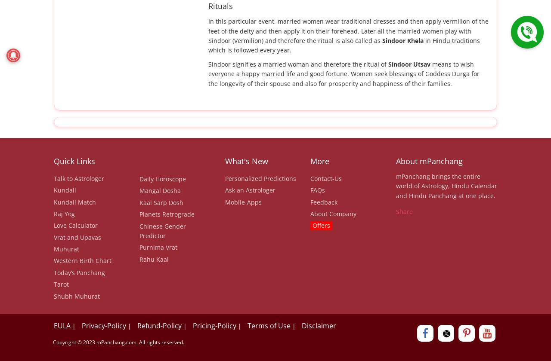 This screenshot has width=551, height=361. Describe the element at coordinates (323, 202) in the screenshot. I see `'Feedback'` at that location.